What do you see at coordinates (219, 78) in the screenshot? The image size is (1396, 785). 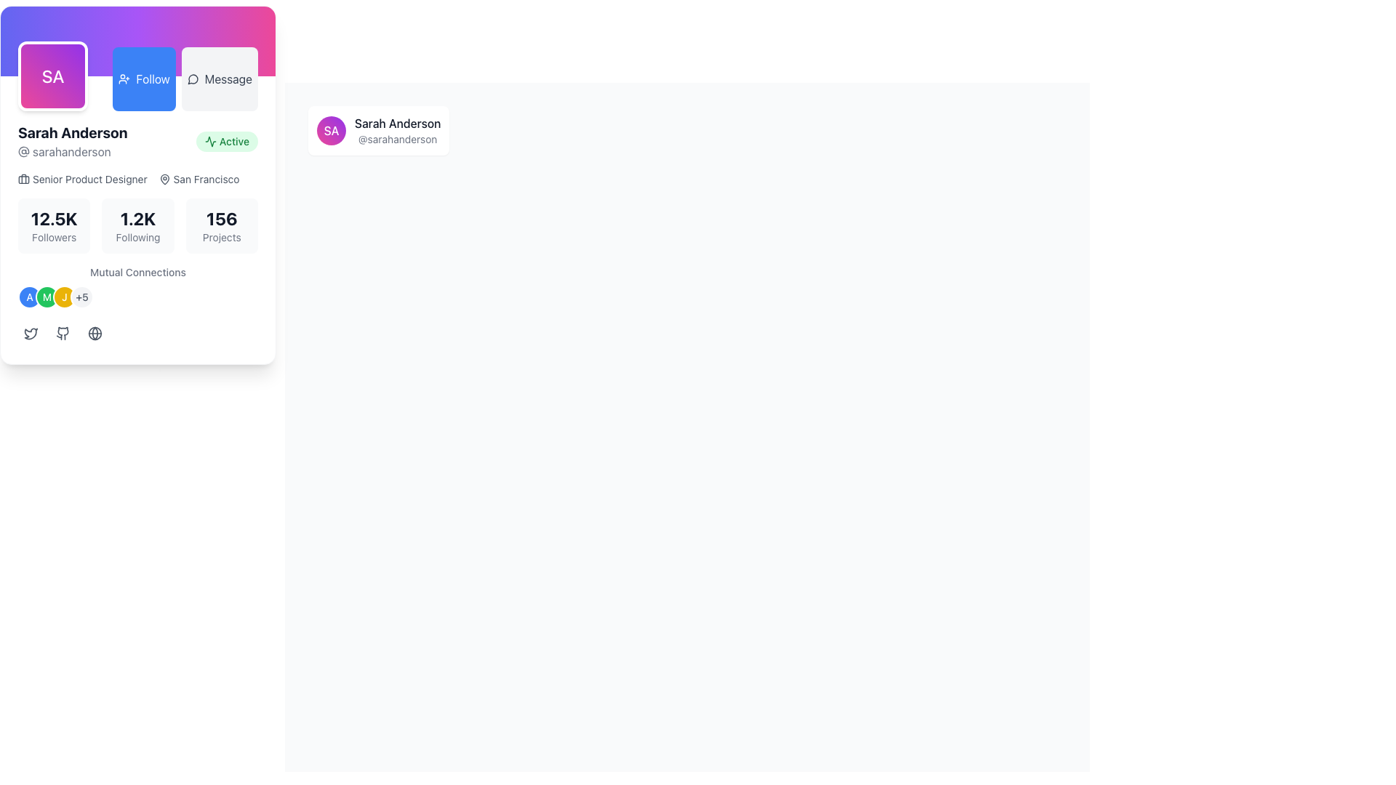 I see `the second button in the horizontal group at the top-right of the card interface` at bounding box center [219, 78].